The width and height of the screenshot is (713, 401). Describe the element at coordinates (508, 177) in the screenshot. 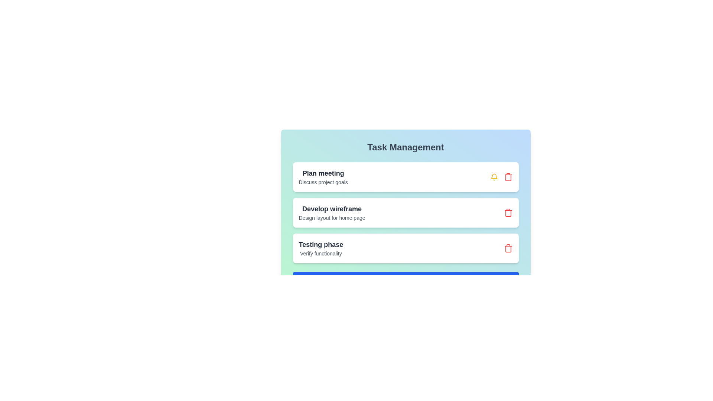

I see `the trash icon next to the task titled 'Plan meeting' to remove it` at that location.